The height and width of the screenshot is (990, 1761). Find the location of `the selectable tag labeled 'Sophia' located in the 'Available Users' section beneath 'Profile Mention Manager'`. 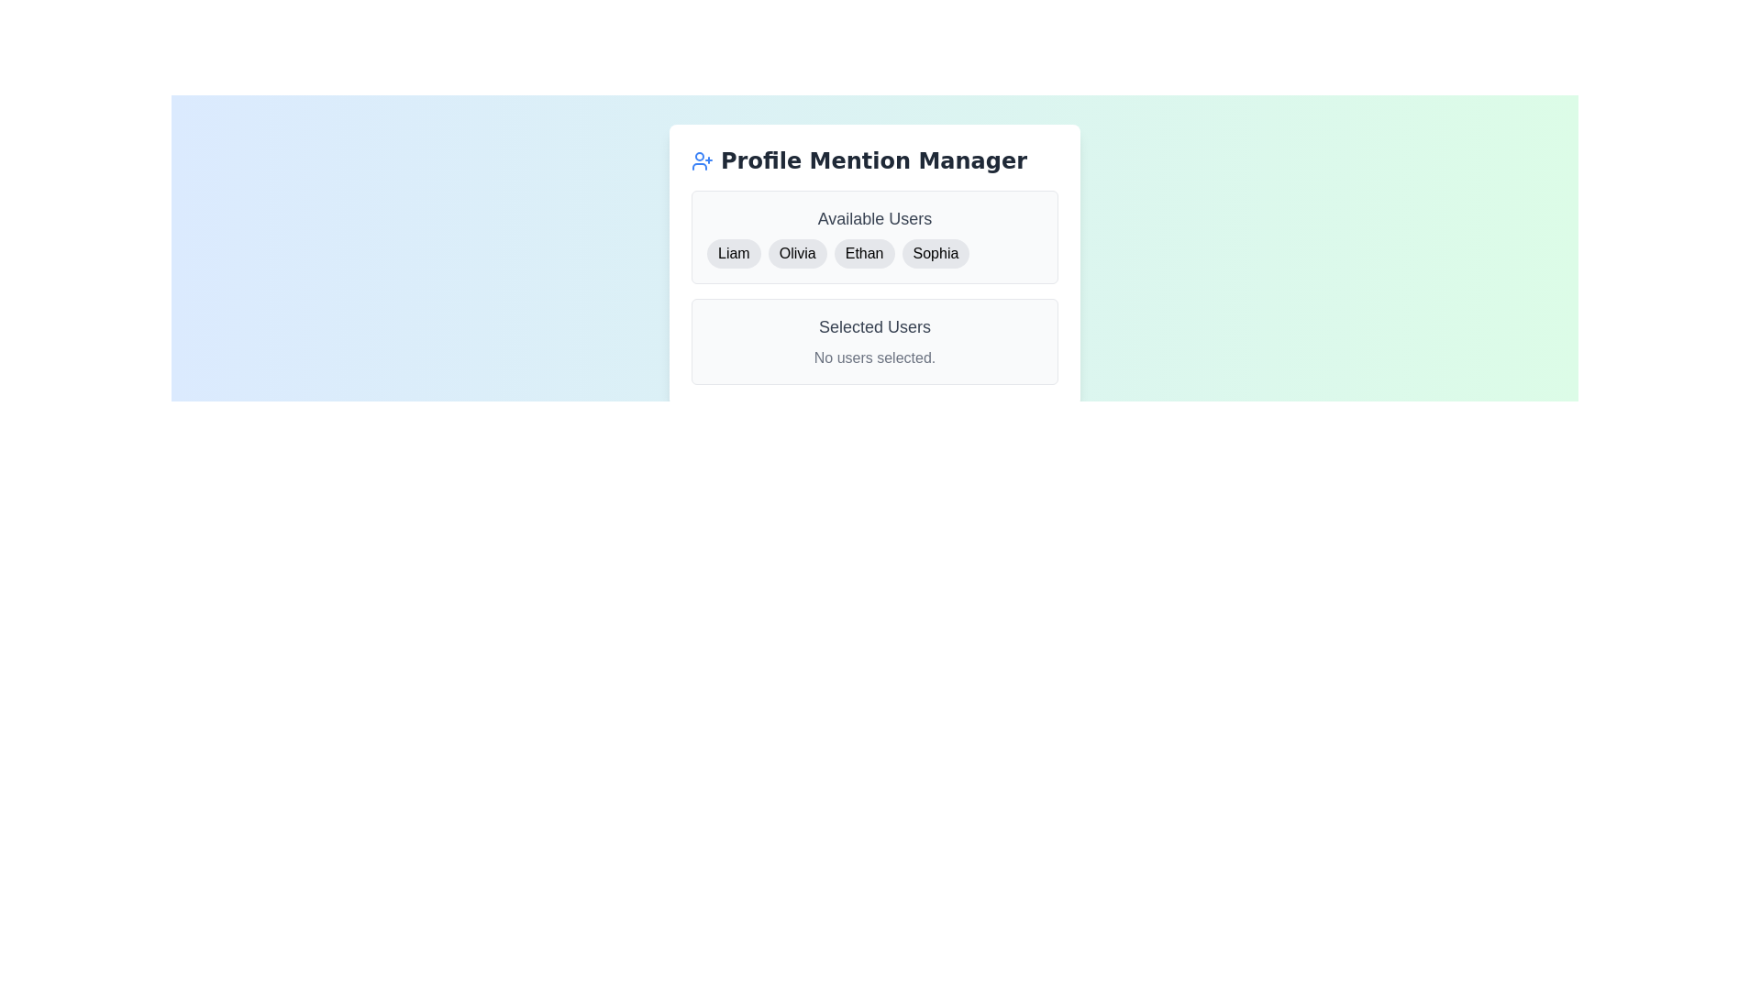

the selectable tag labeled 'Sophia' located in the 'Available Users' section beneath 'Profile Mention Manager' is located at coordinates (935, 254).